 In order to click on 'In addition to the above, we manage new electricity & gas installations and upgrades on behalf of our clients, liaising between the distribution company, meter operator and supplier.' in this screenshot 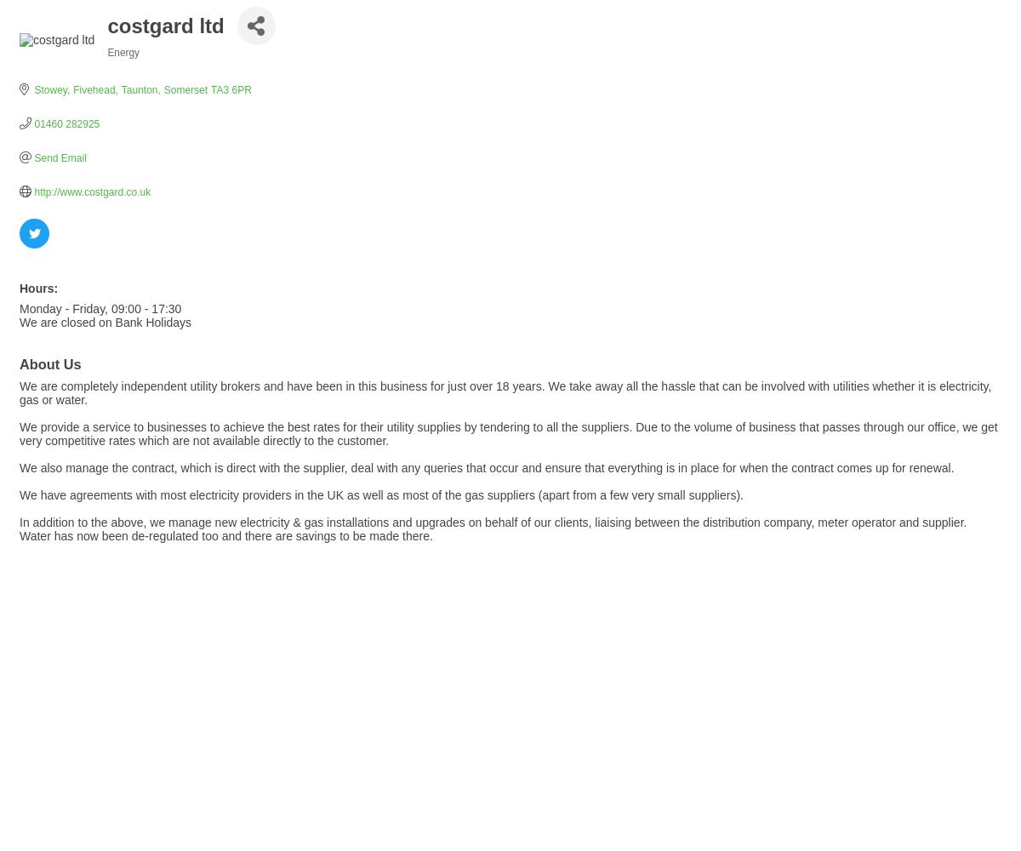, I will do `click(20, 522)`.